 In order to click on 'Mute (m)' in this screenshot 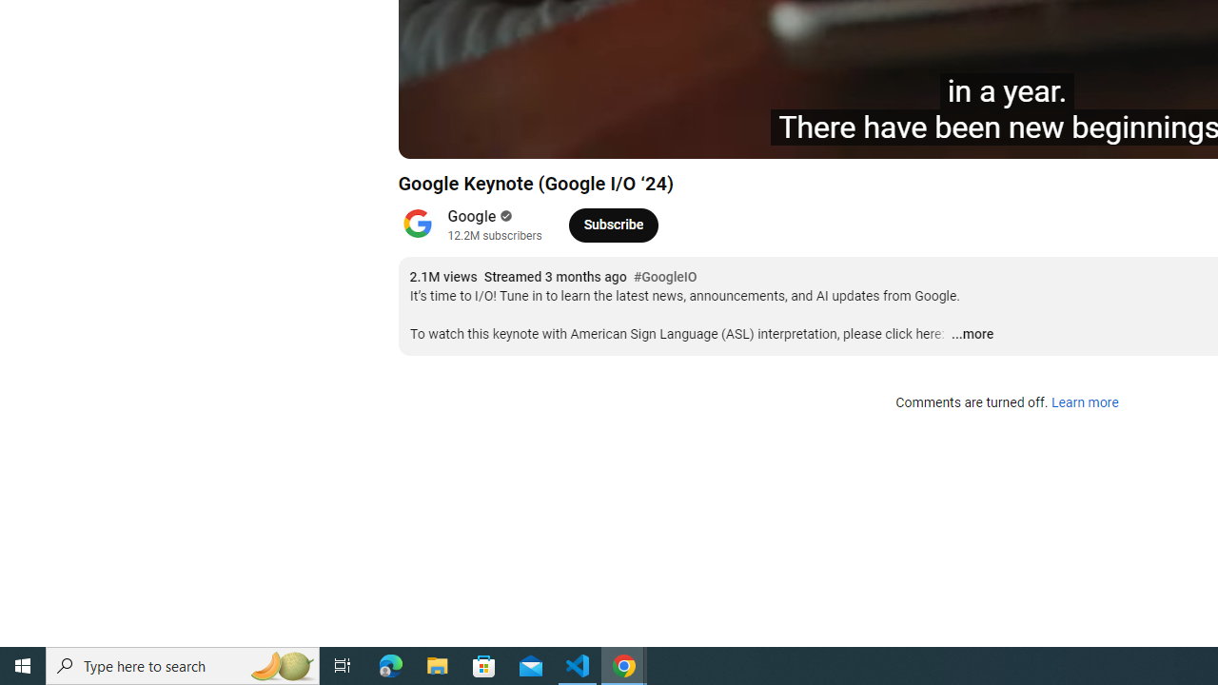, I will do `click(564, 134)`.